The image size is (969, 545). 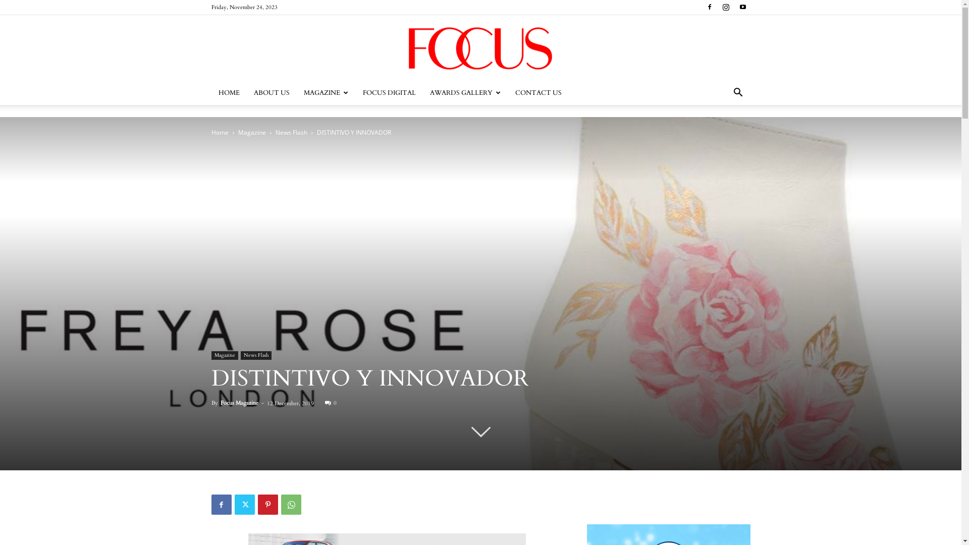 What do you see at coordinates (219, 132) in the screenshot?
I see `'Home'` at bounding box center [219, 132].